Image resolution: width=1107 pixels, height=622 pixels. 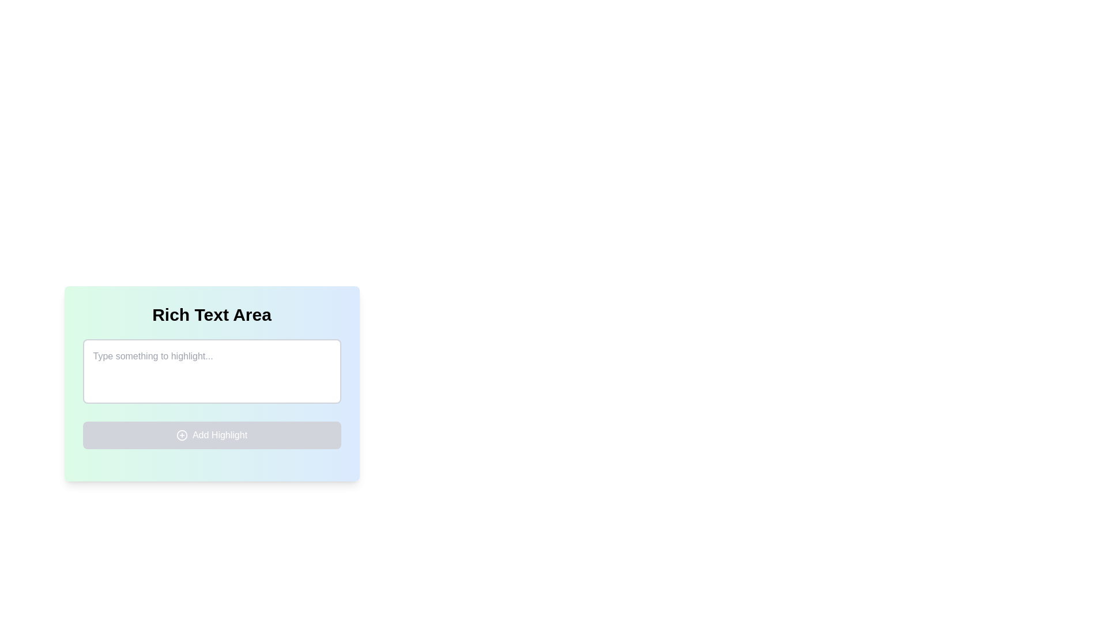 I want to click on the 'Add Highlight' button, which is a green rectangular button with rounded corners and a plus icon, so click(x=212, y=435).